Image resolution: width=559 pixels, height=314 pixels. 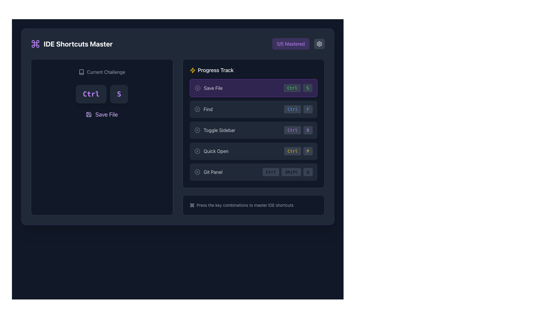 I want to click on the 'Git Panel' Text Label with Icon located at the bottom of the 'Progress Track' section, so click(x=208, y=172).